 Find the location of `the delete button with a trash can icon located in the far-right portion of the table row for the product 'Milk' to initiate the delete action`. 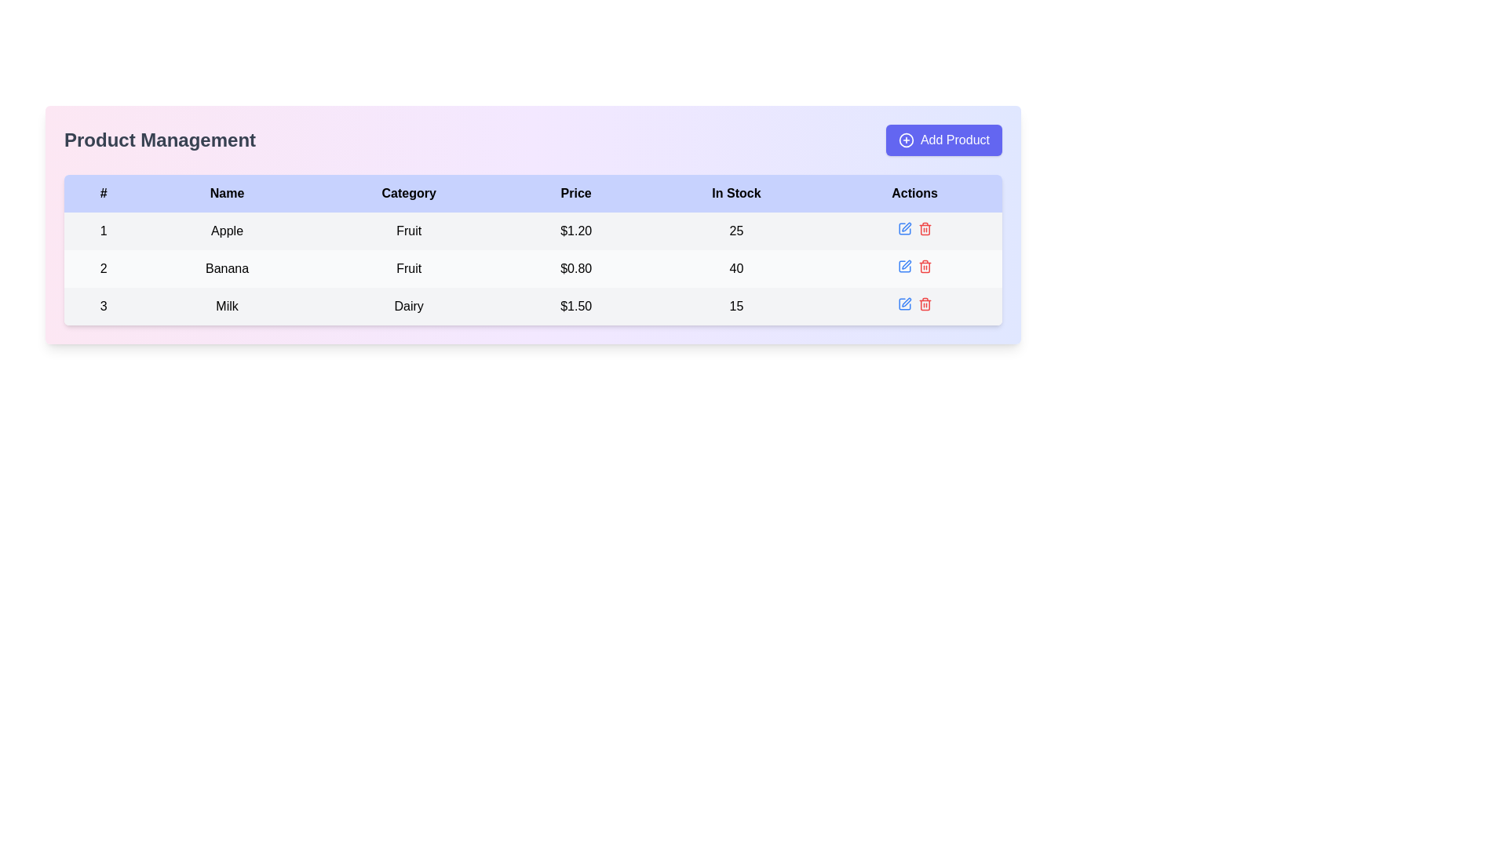

the delete button with a trash can icon located in the far-right portion of the table row for the product 'Milk' to initiate the delete action is located at coordinates (925, 304).